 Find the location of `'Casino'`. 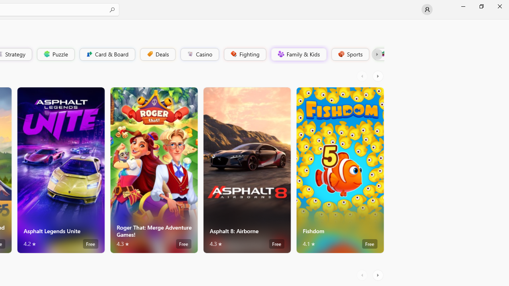

'Casino' is located at coordinates (199, 54).